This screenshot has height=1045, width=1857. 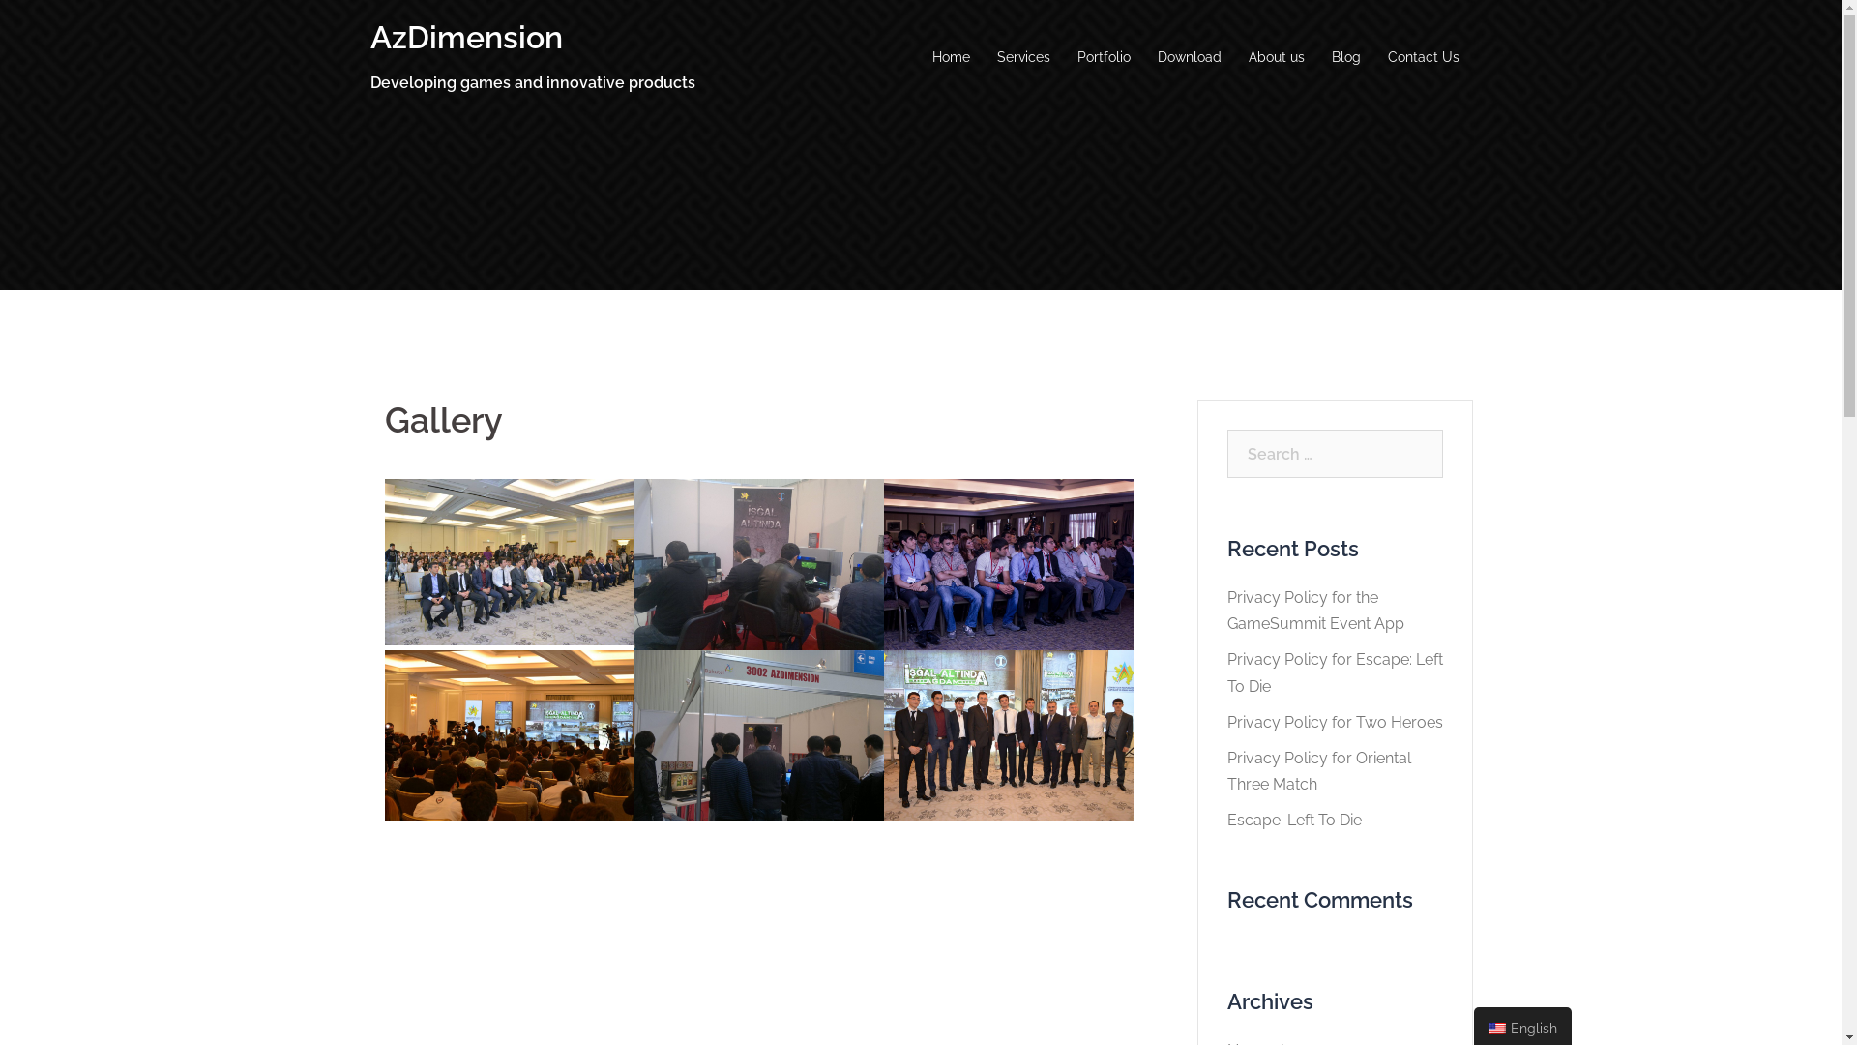 I want to click on 'Skip to content', so click(x=0, y=0).